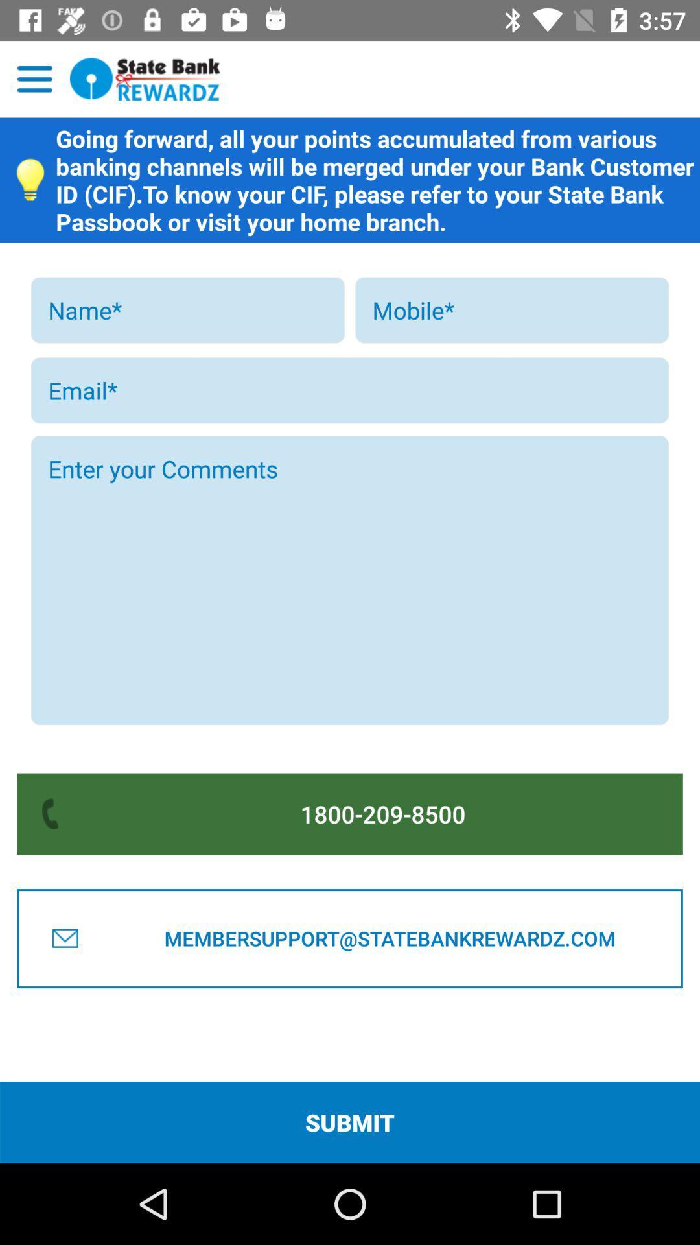 The image size is (700, 1245). What do you see at coordinates (382, 813) in the screenshot?
I see `the 1800-209-8500` at bounding box center [382, 813].